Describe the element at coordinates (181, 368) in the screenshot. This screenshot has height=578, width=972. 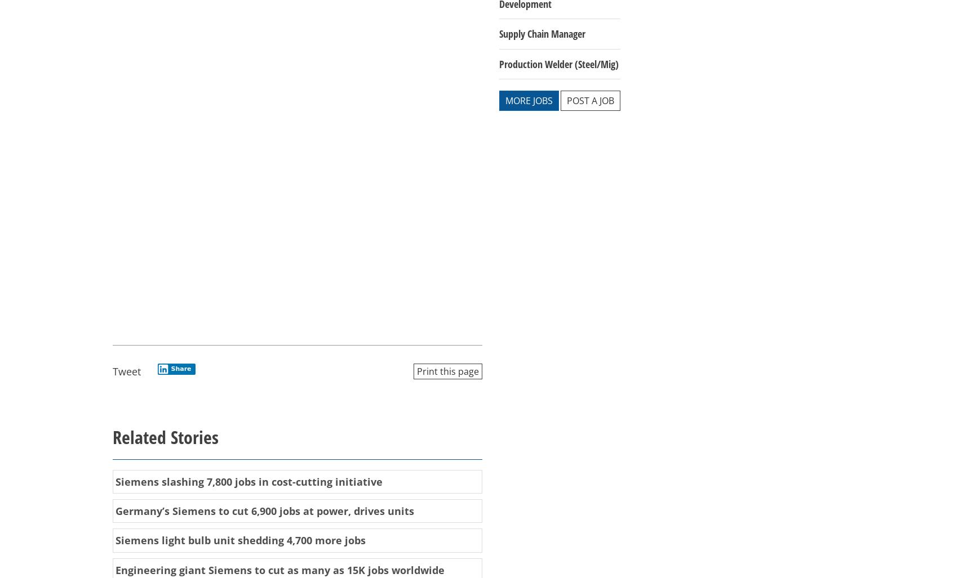
I see `'Share'` at that location.